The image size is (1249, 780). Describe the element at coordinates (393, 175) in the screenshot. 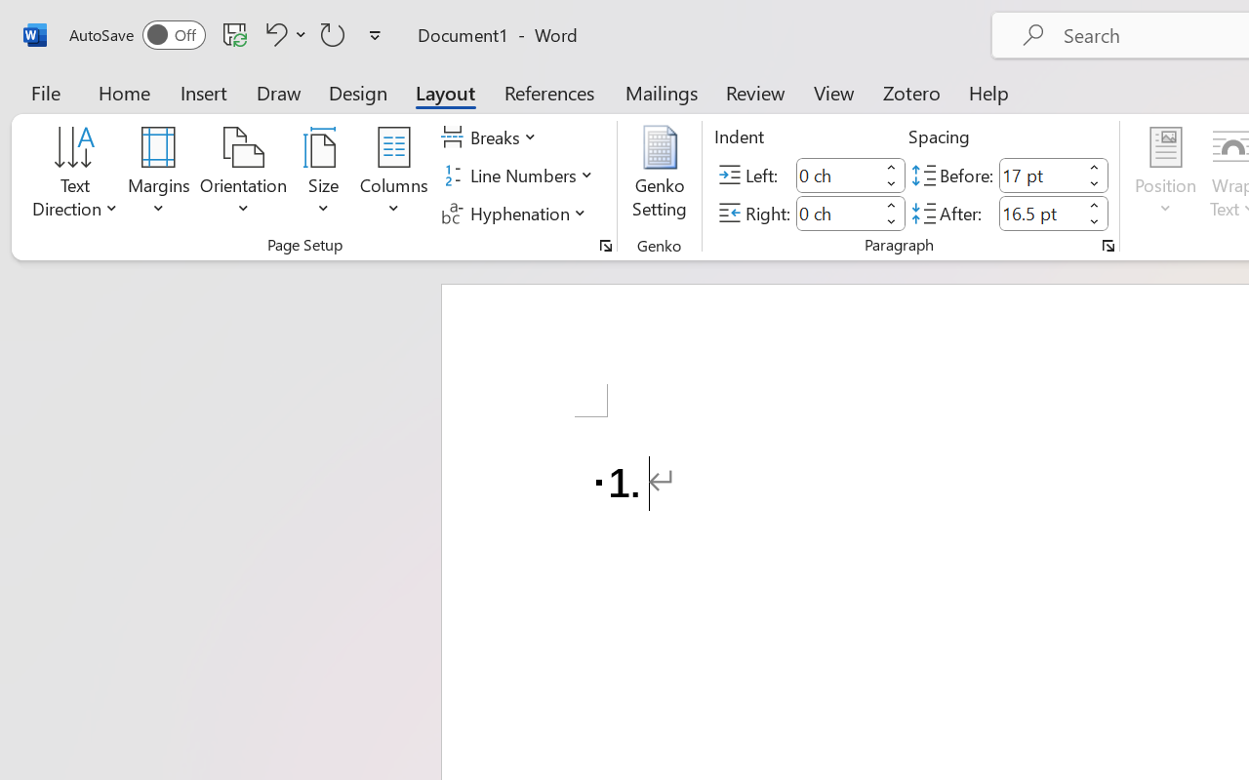

I see `'Columns'` at that location.